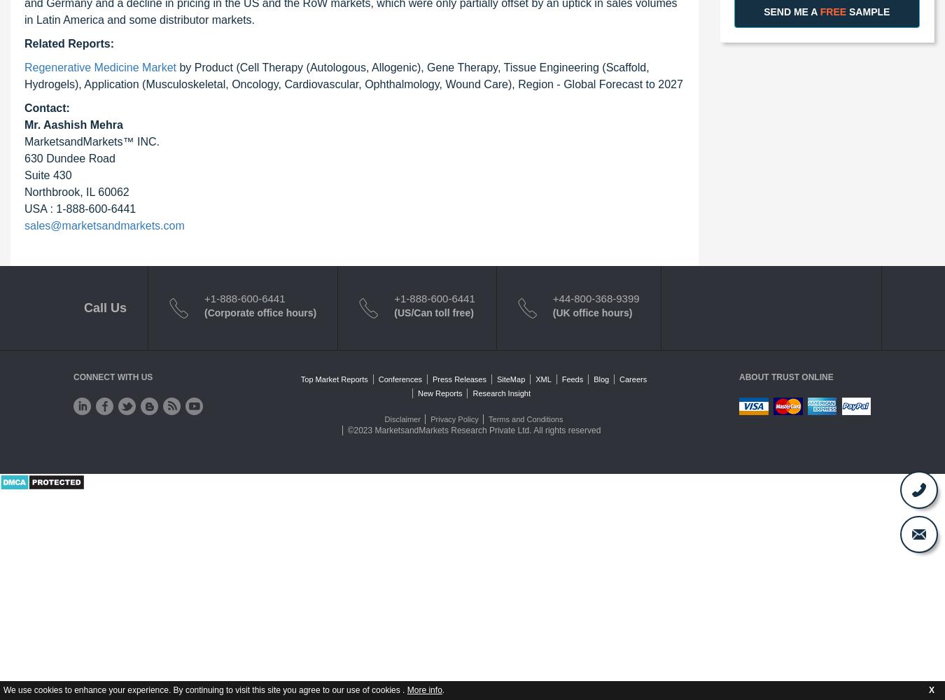 The height and width of the screenshot is (700, 945). What do you see at coordinates (353, 74) in the screenshot?
I see `'by Product (Cell Therapy (Autologous, Allogenic), Gene Therapy, Tissue Engineering (Scaffold, Hydrogels), Application (Musculoskeletal, Oncology, Cardiovascular, Ophthalmology, Wound Care), Region - Global Forecast to 2027'` at bounding box center [353, 74].